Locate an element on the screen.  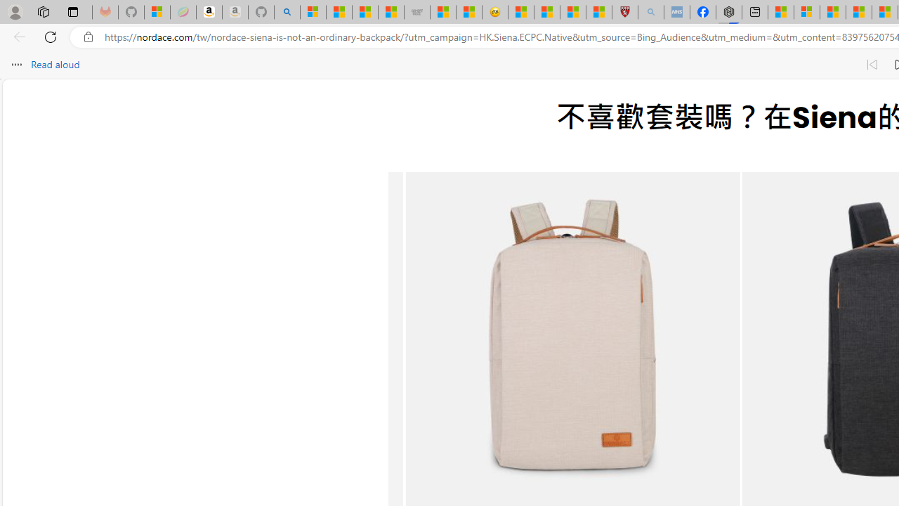
'Nordace - Nordace Siena Is Not An Ordinary Backpack' is located at coordinates (729, 12).